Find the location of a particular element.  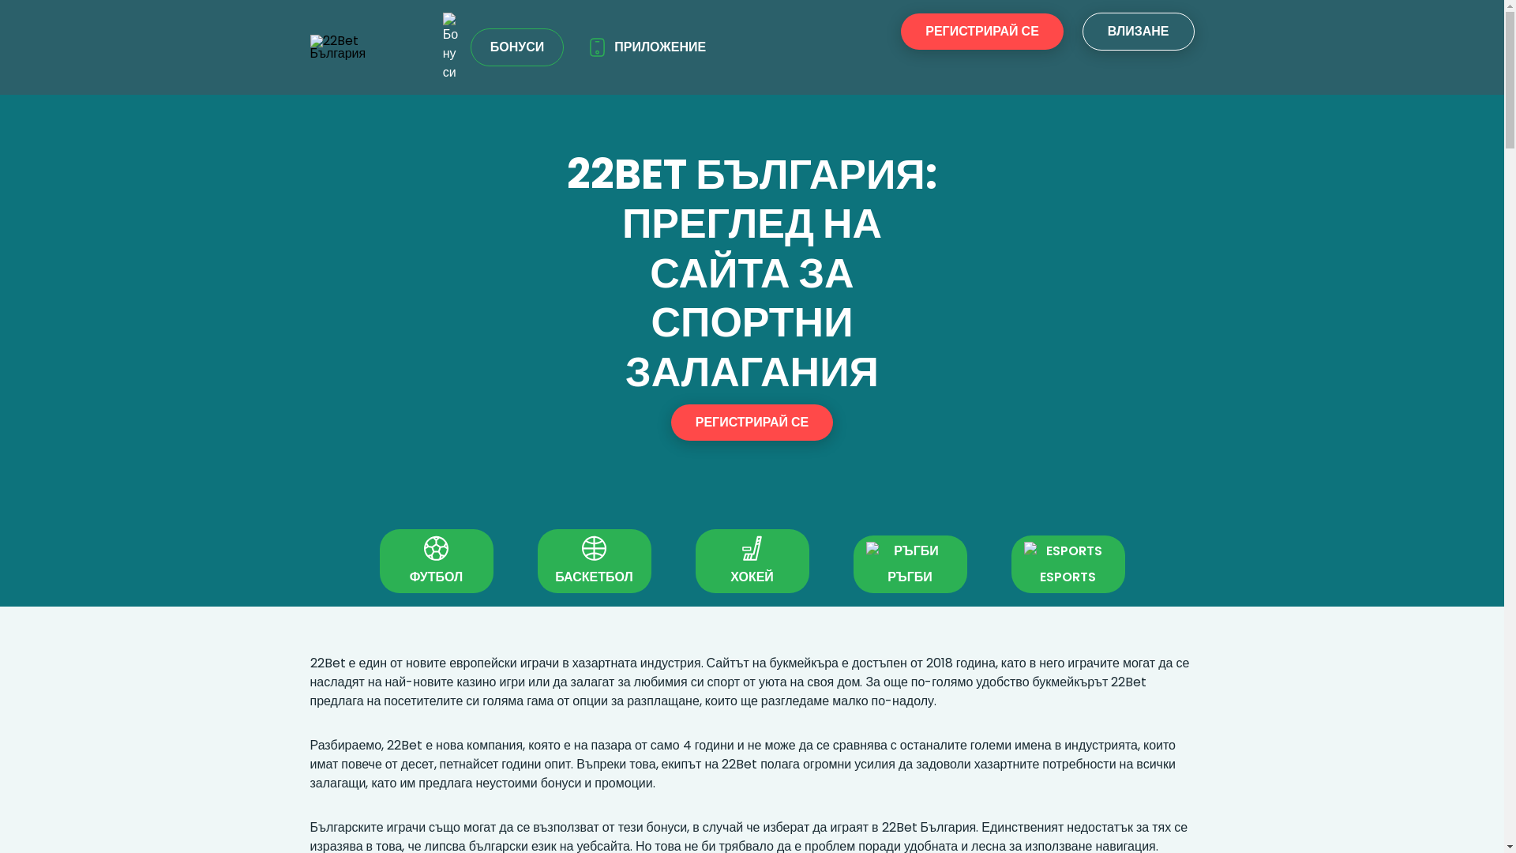

'eSports' is located at coordinates (1023, 551).